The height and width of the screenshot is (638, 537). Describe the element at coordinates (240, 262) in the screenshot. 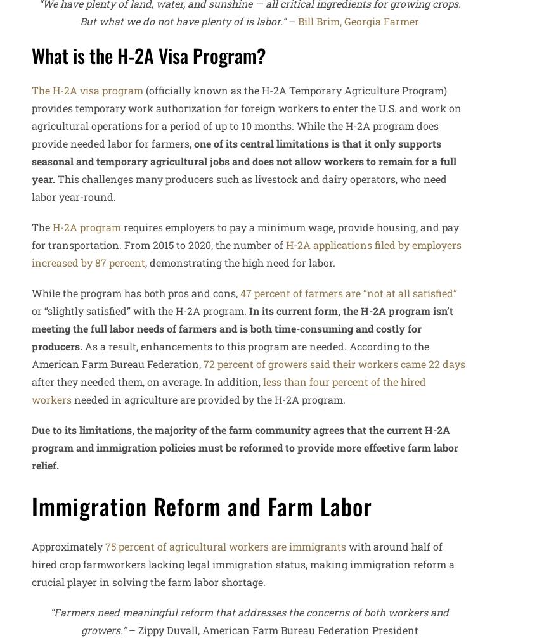

I see `', demonstrating the high need for labor.'` at that location.